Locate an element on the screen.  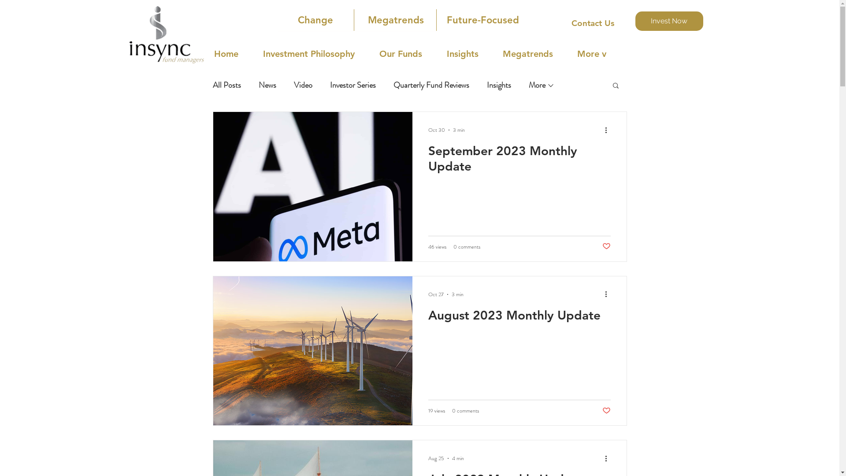
'Our Funds' is located at coordinates (408, 54).